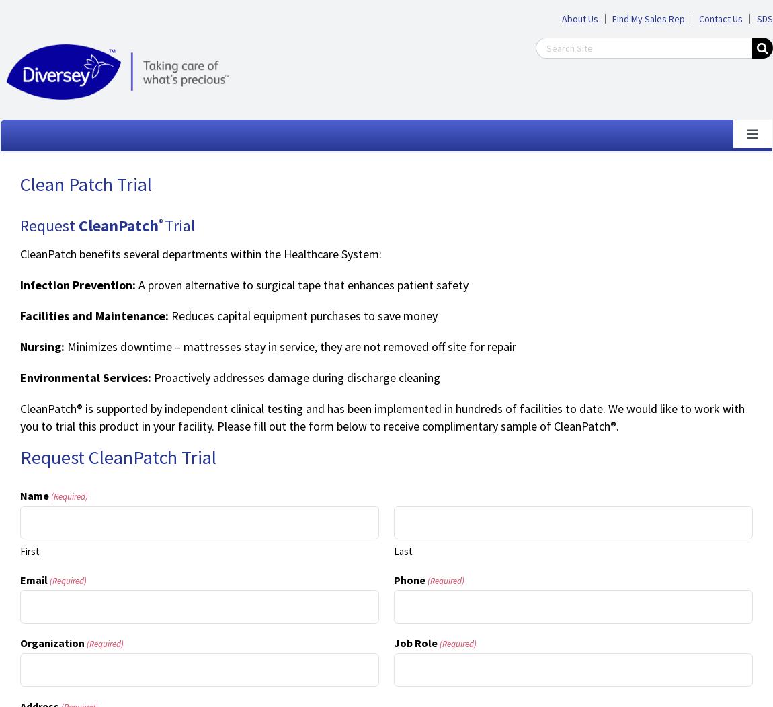  I want to click on 'Nursing:', so click(40, 346).